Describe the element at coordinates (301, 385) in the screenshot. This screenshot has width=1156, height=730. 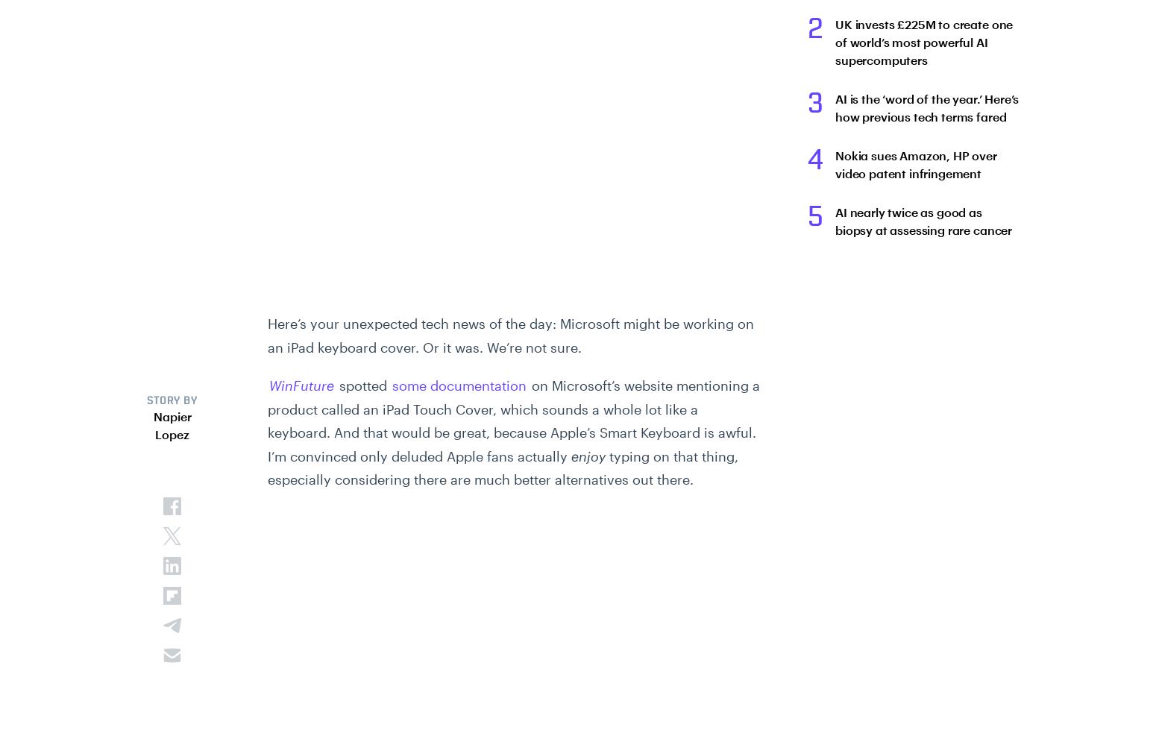
I see `'WinFuture'` at that location.